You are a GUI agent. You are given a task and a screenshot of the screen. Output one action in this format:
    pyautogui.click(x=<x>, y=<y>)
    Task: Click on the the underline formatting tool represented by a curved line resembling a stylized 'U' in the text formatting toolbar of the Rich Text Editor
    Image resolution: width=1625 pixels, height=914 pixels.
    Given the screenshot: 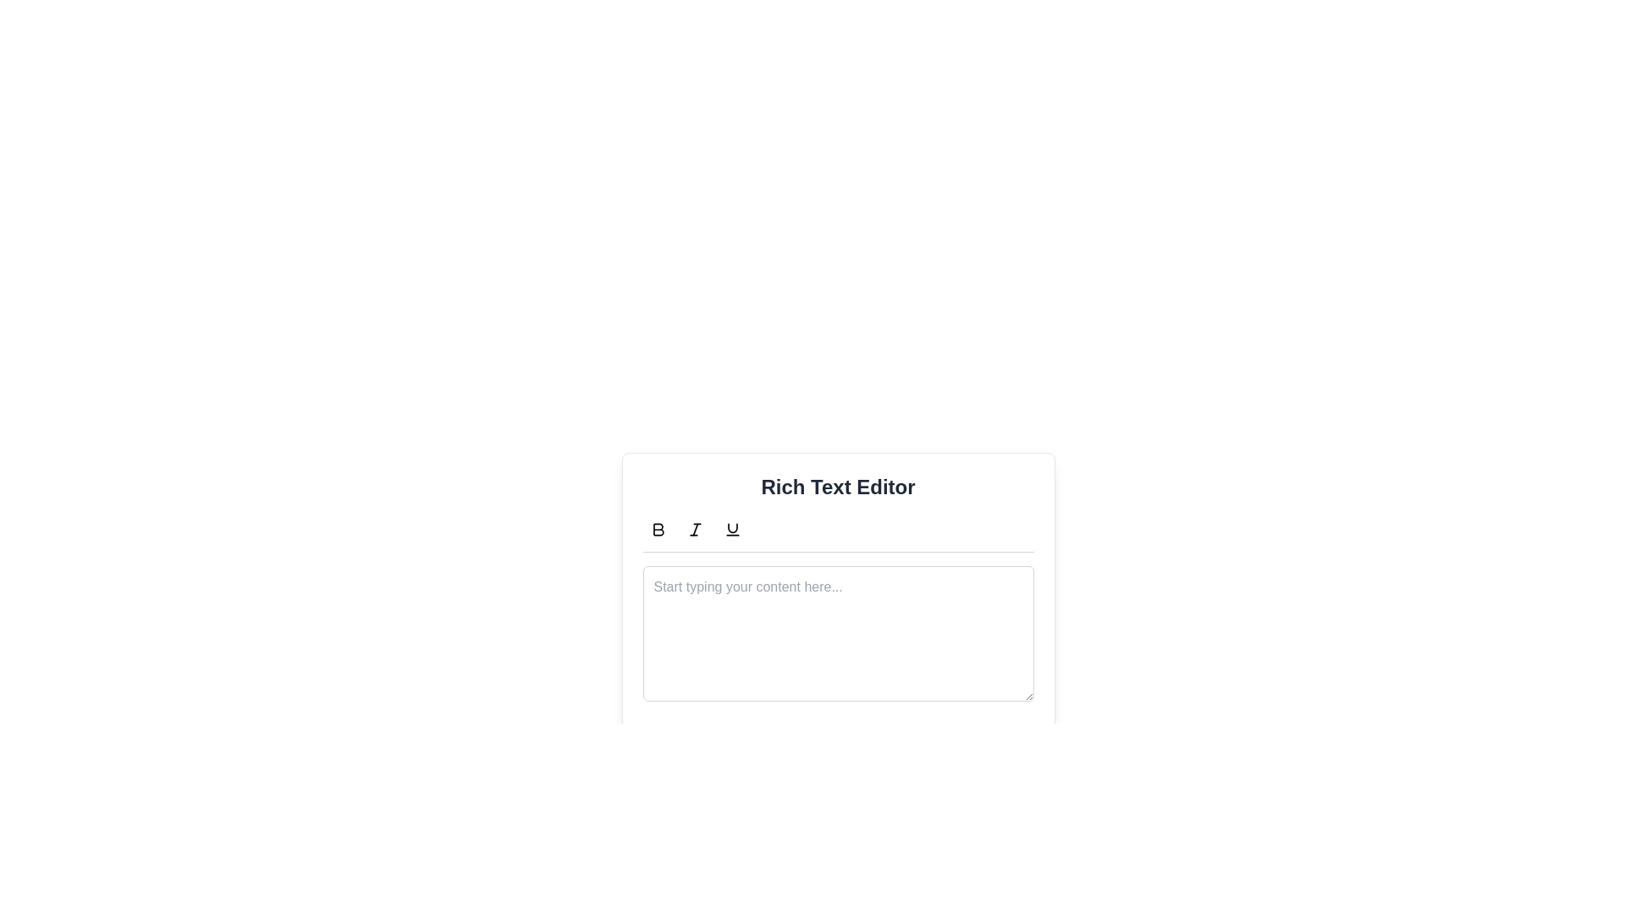 What is the action you would take?
    pyautogui.click(x=732, y=527)
    